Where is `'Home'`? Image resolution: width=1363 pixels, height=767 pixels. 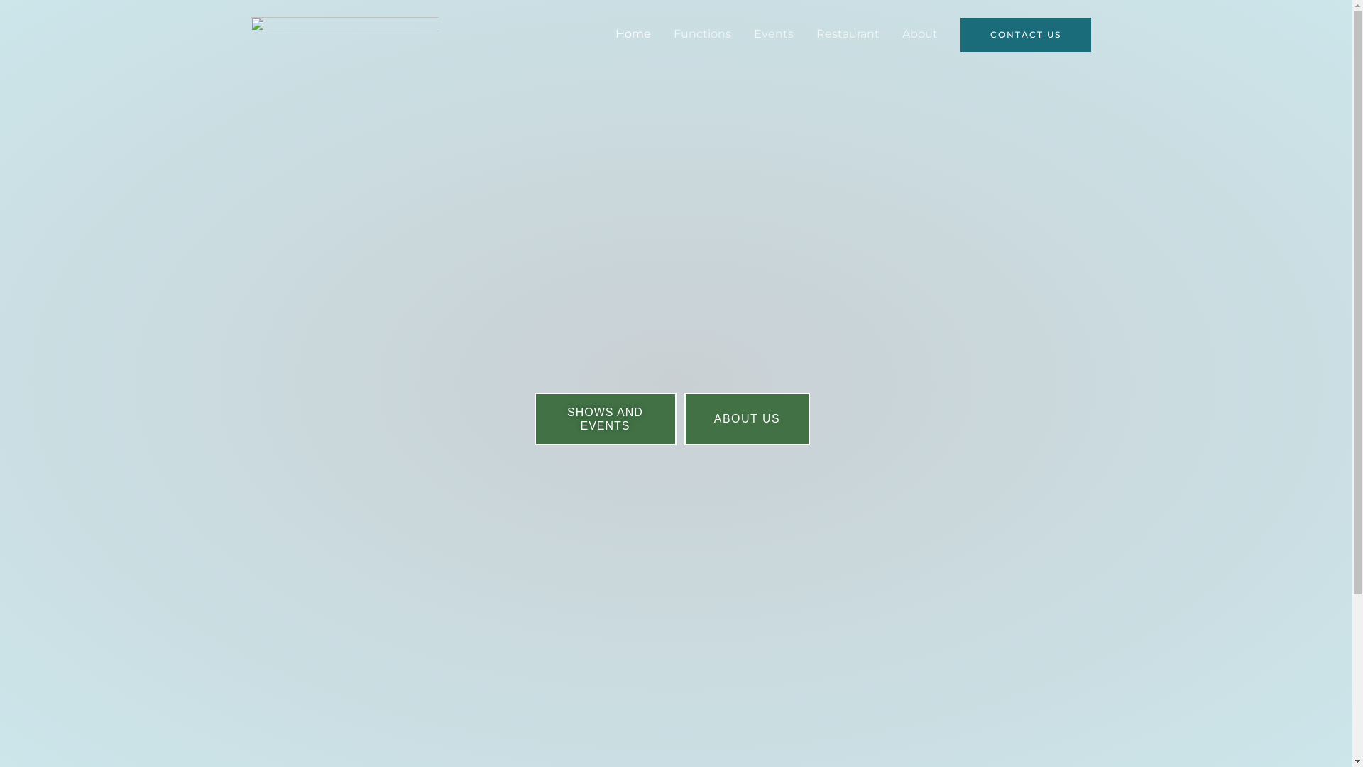
'Home' is located at coordinates (632, 33).